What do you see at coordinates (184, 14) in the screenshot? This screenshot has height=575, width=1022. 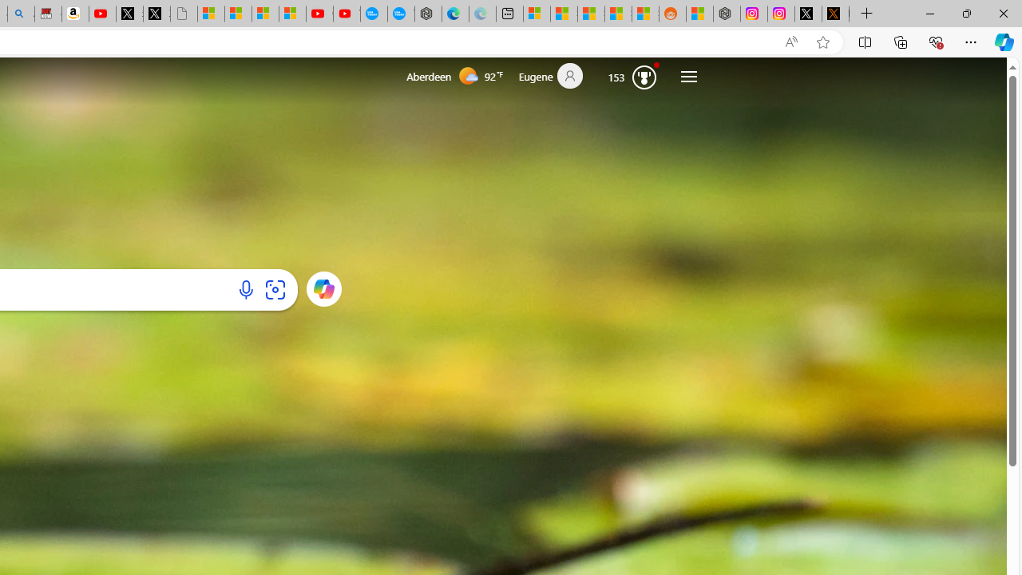 I see `'Untitled'` at bounding box center [184, 14].